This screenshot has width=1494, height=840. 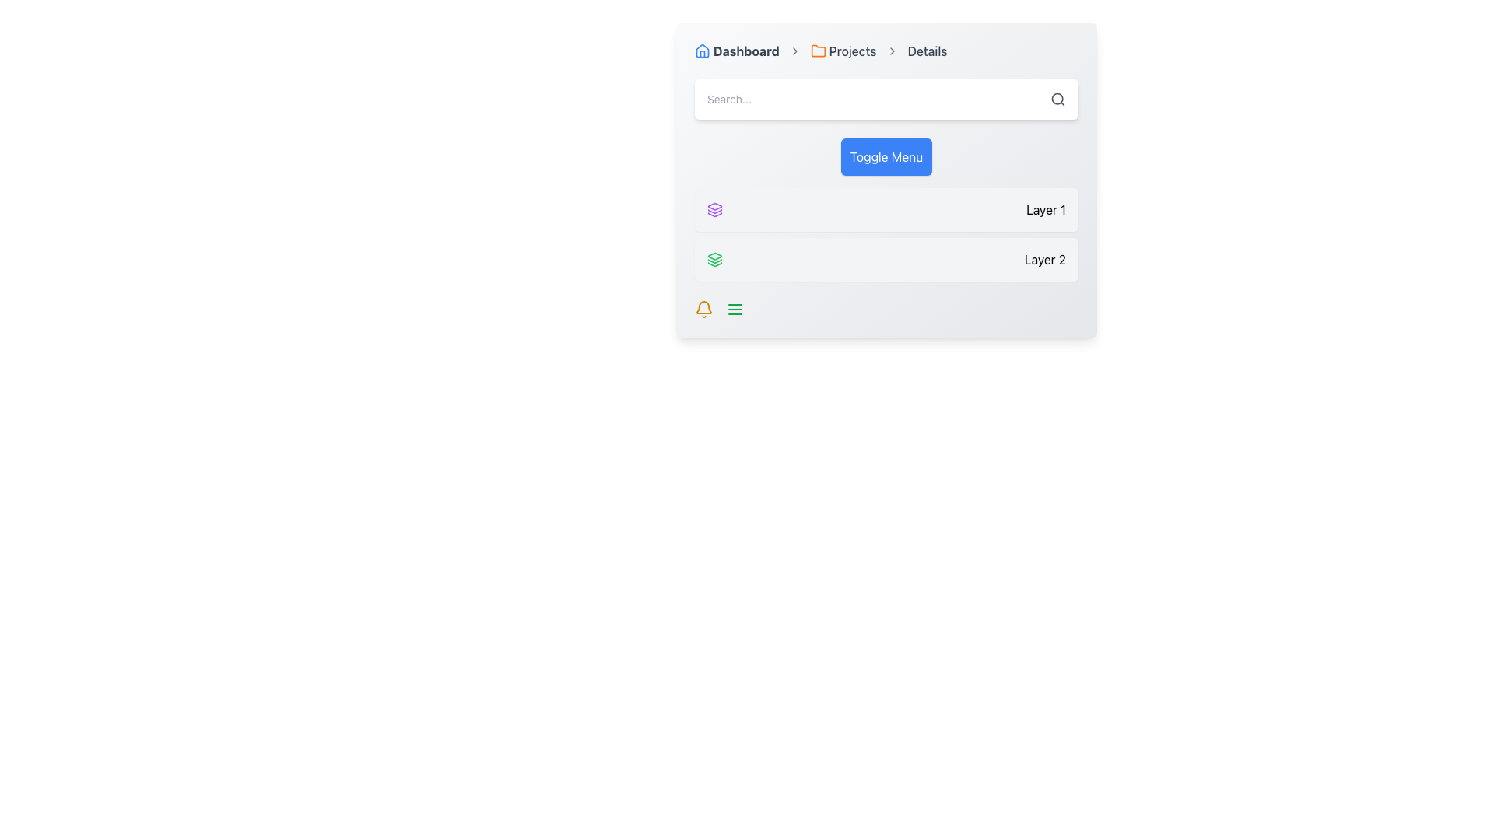 What do you see at coordinates (794, 50) in the screenshot?
I see `the first arrow icon in the breadcrumb navigation sequence, located between the 'Dashboard' and 'Projects' text` at bounding box center [794, 50].